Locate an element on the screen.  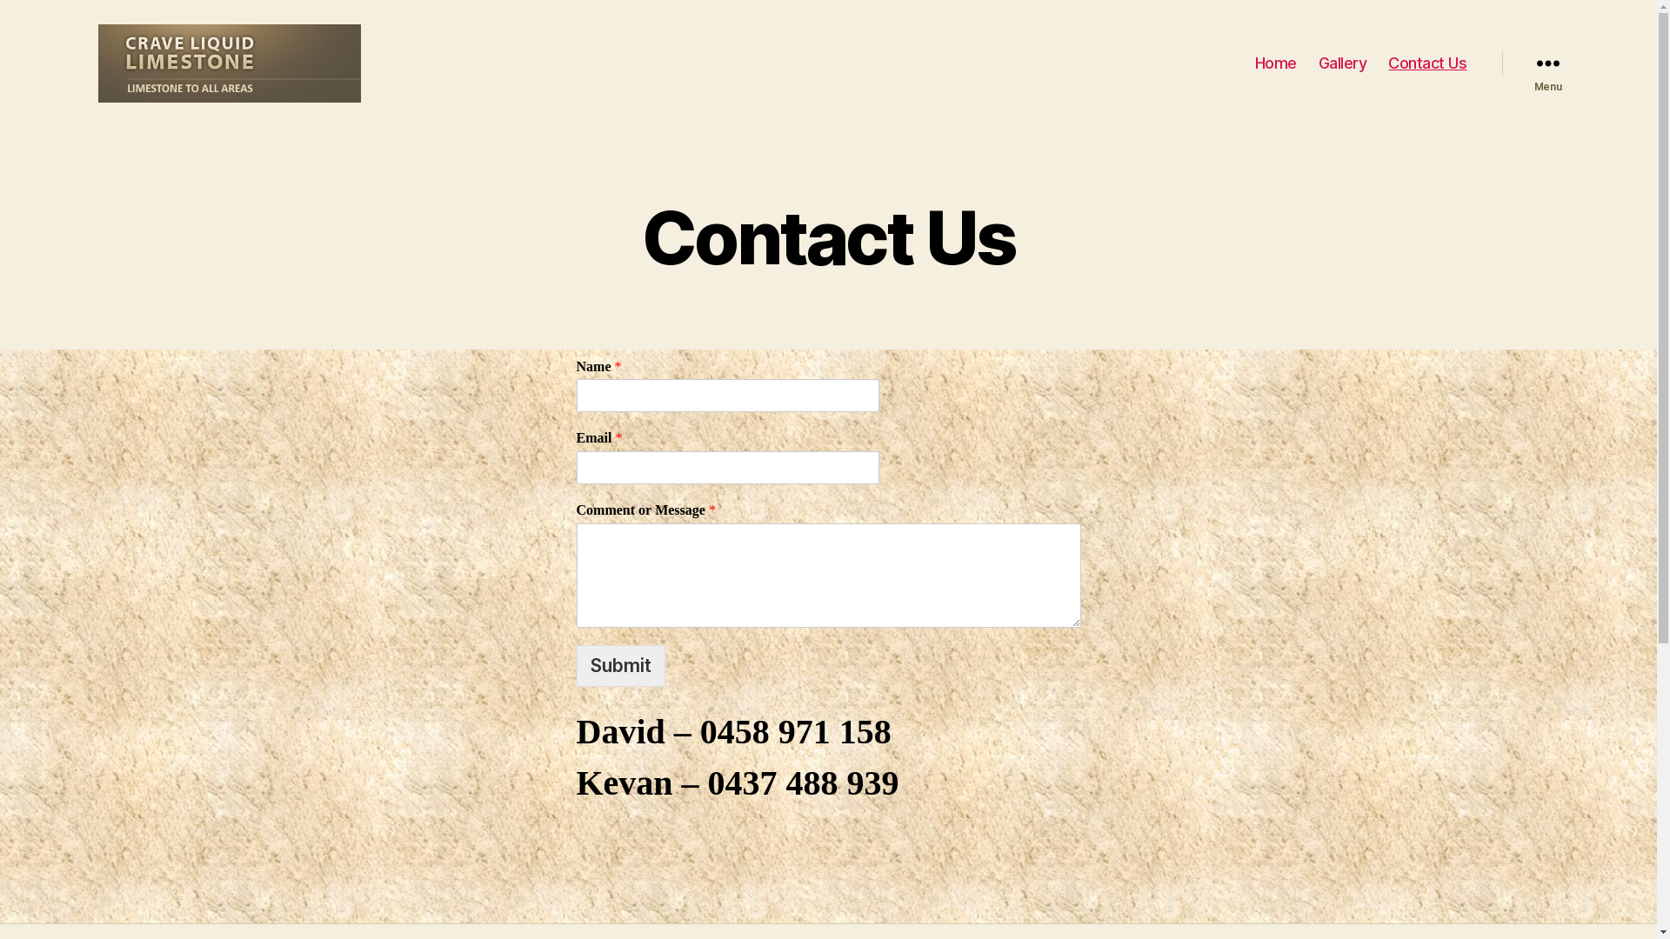
'Gallery' is located at coordinates (1342, 63).